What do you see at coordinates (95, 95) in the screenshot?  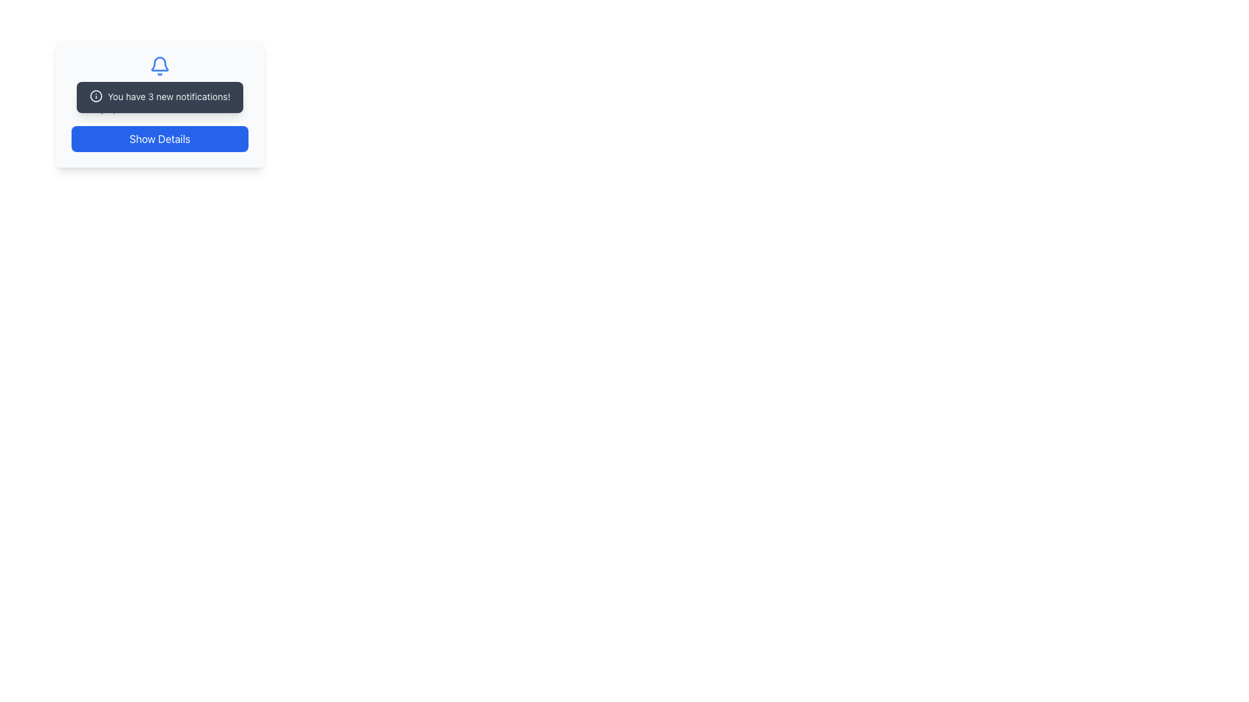 I see `the circular SVG icon located on the left side of the notification component that indicates 'You have 3 new notifications!'` at bounding box center [95, 95].